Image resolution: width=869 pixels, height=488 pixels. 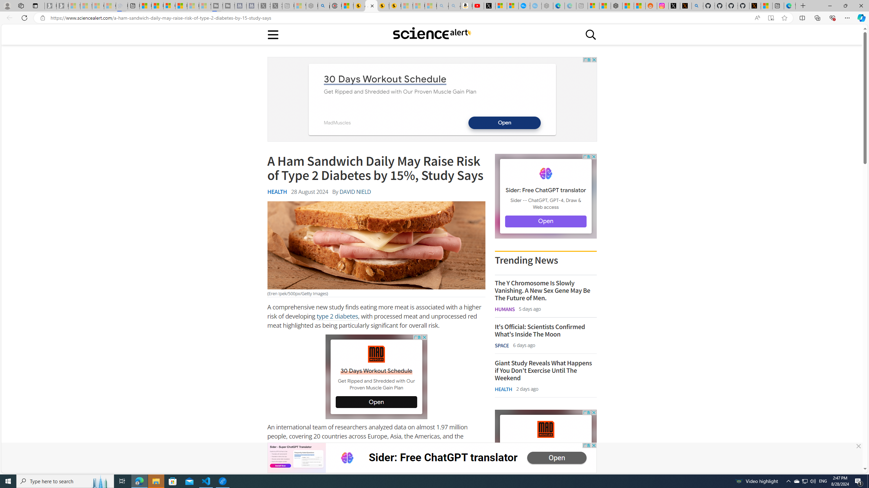 I want to click on 'Log in to X / X', so click(x=674, y=5).